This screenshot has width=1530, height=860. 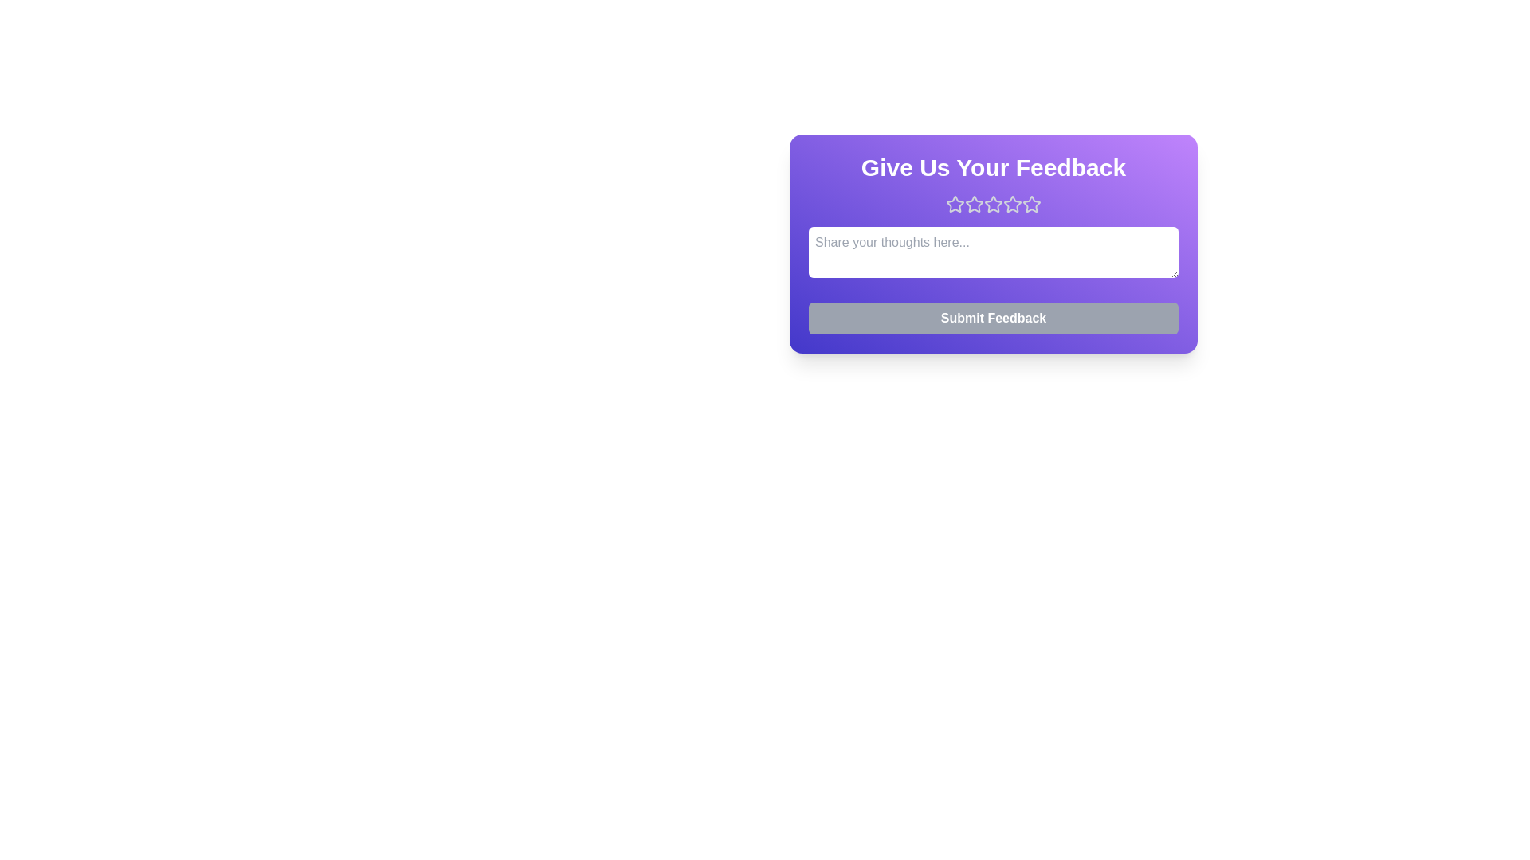 I want to click on 'Submit Feedback' button to submit the feedback, so click(x=993, y=319).